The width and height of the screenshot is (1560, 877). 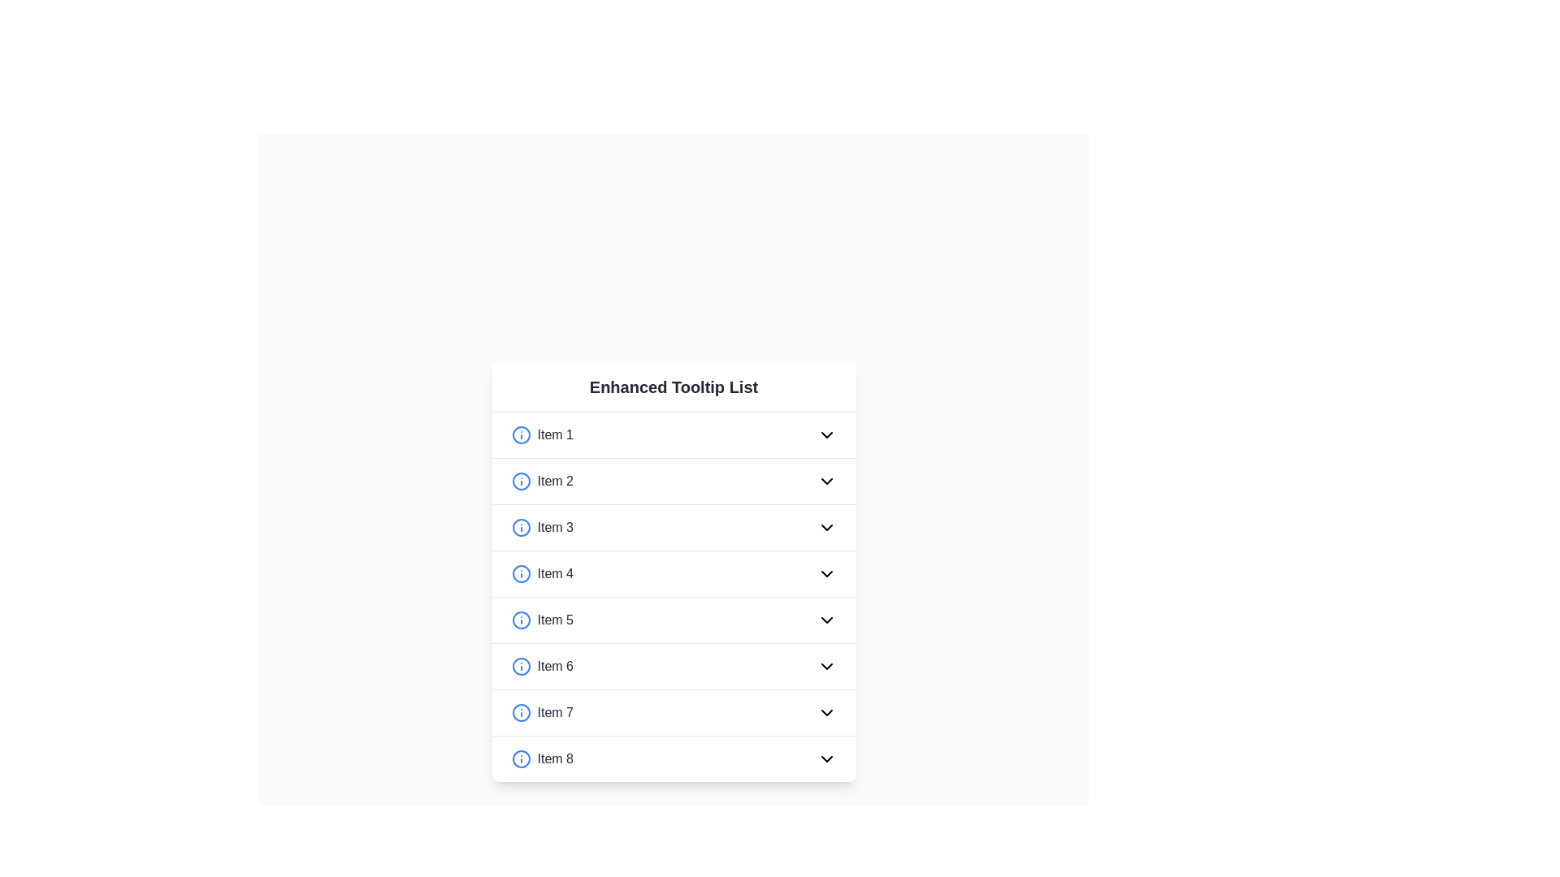 What do you see at coordinates (674, 666) in the screenshot?
I see `the sixth item in the 'Enhanced Tooltip List'` at bounding box center [674, 666].